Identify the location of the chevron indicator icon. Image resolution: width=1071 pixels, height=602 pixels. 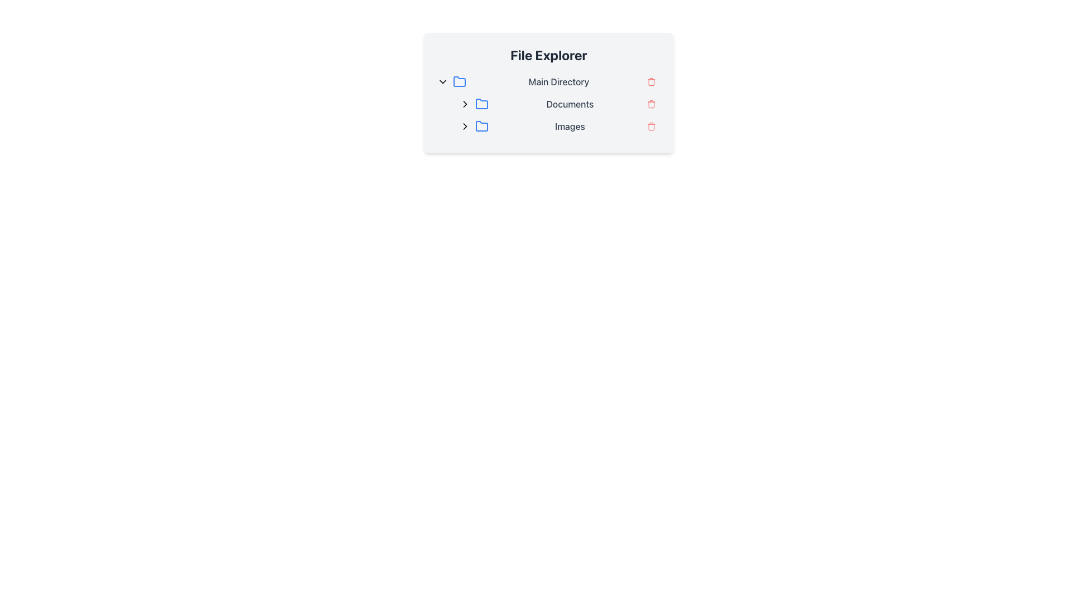
(465, 126).